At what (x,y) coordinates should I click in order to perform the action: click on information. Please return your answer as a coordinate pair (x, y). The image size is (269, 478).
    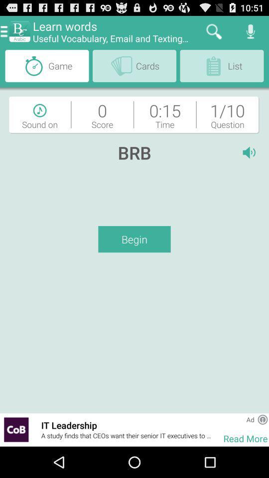
    Looking at the image, I should click on (263, 419).